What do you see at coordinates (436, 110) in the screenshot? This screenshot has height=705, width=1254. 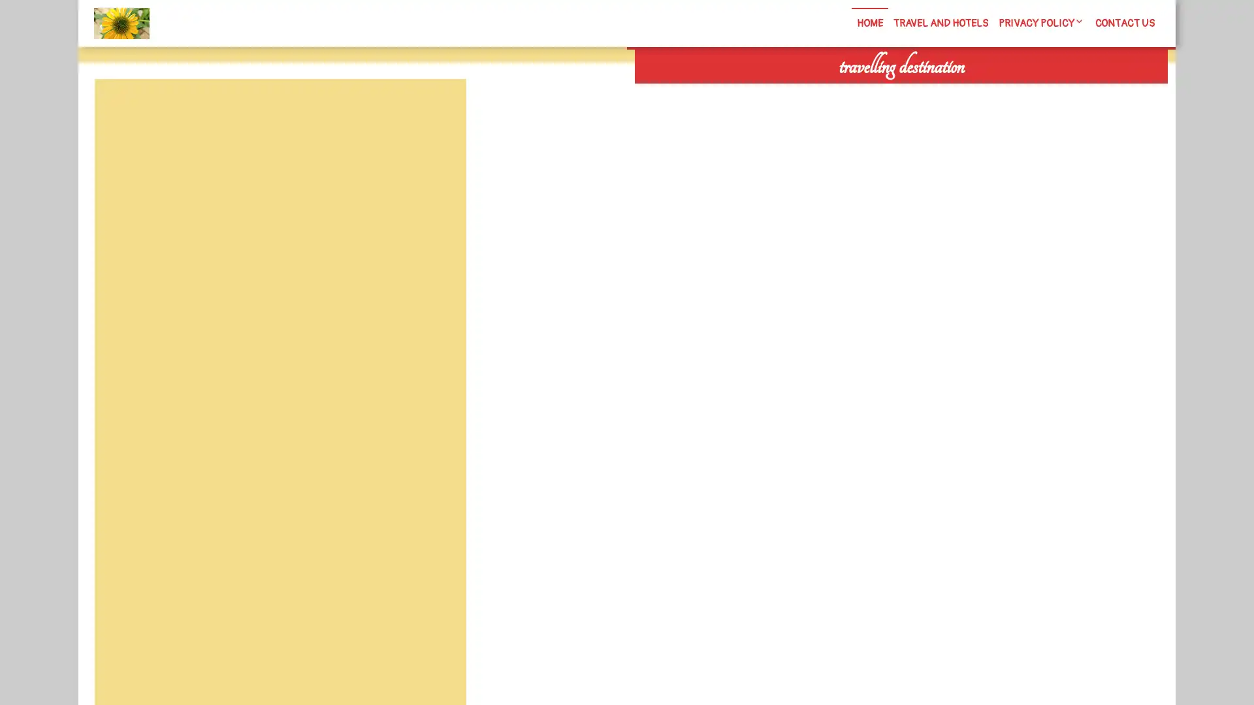 I see `Search` at bounding box center [436, 110].